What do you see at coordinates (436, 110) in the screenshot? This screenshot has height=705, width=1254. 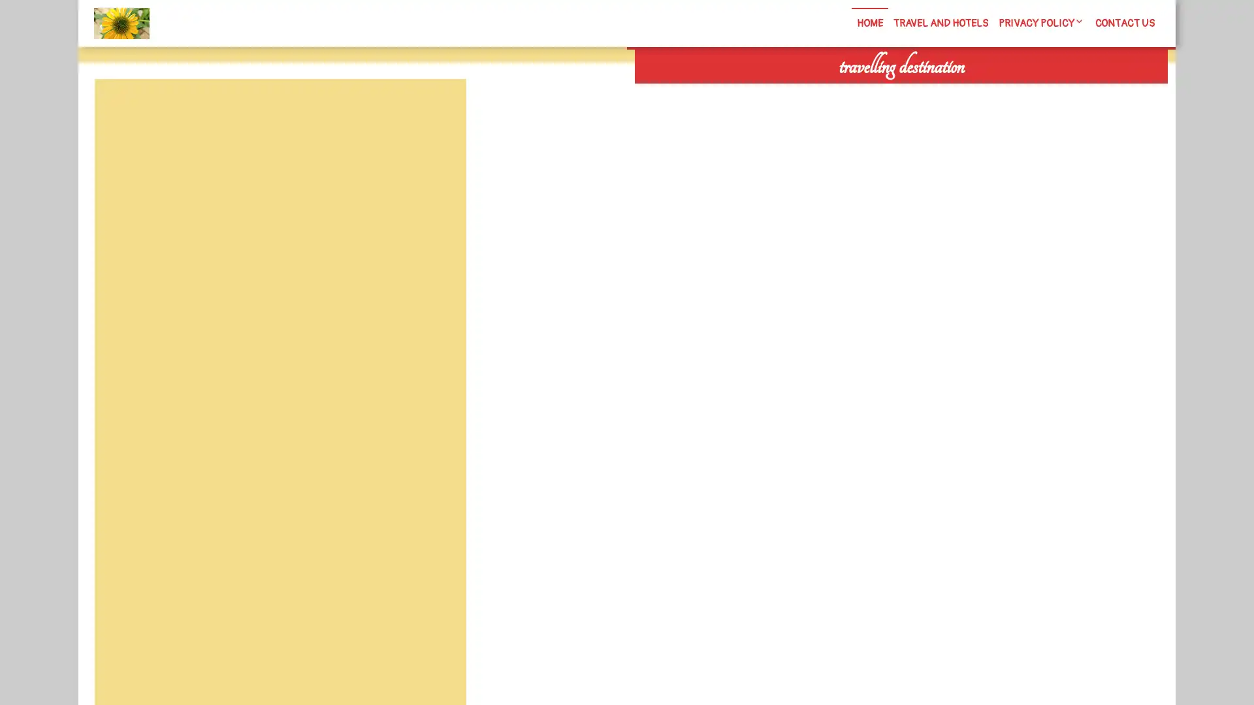 I see `Search` at bounding box center [436, 110].